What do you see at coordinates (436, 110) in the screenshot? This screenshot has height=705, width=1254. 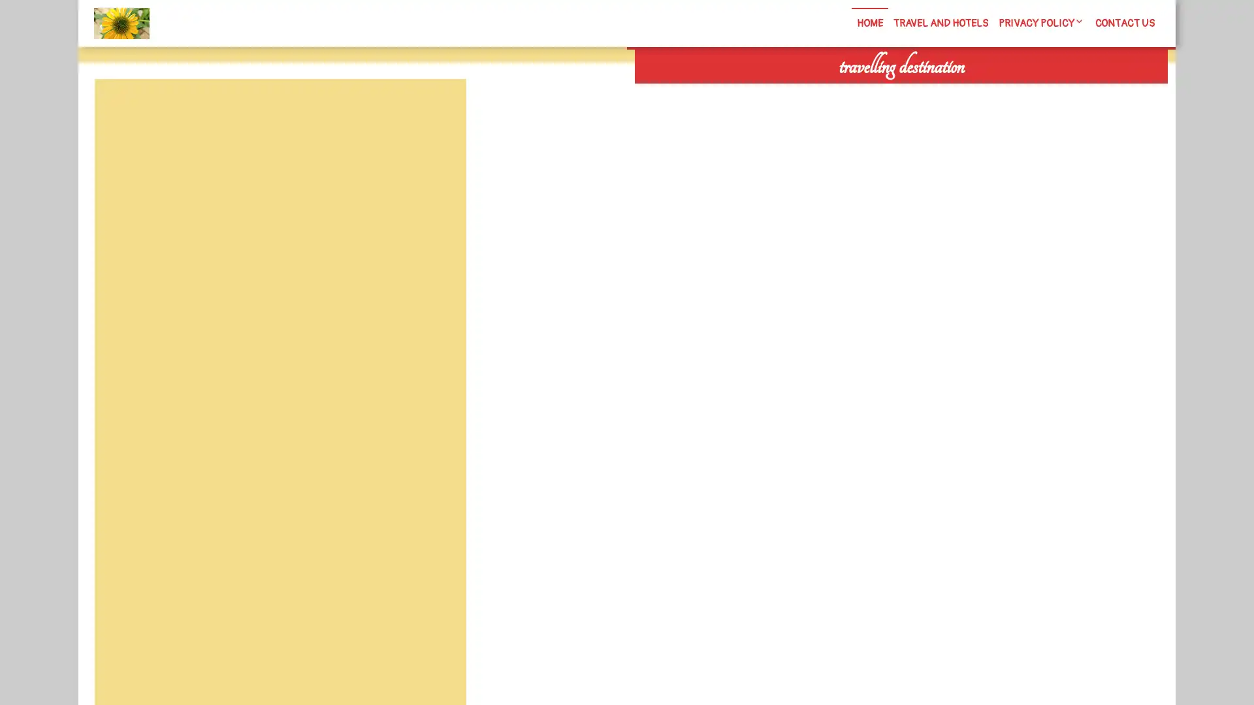 I see `Search` at bounding box center [436, 110].